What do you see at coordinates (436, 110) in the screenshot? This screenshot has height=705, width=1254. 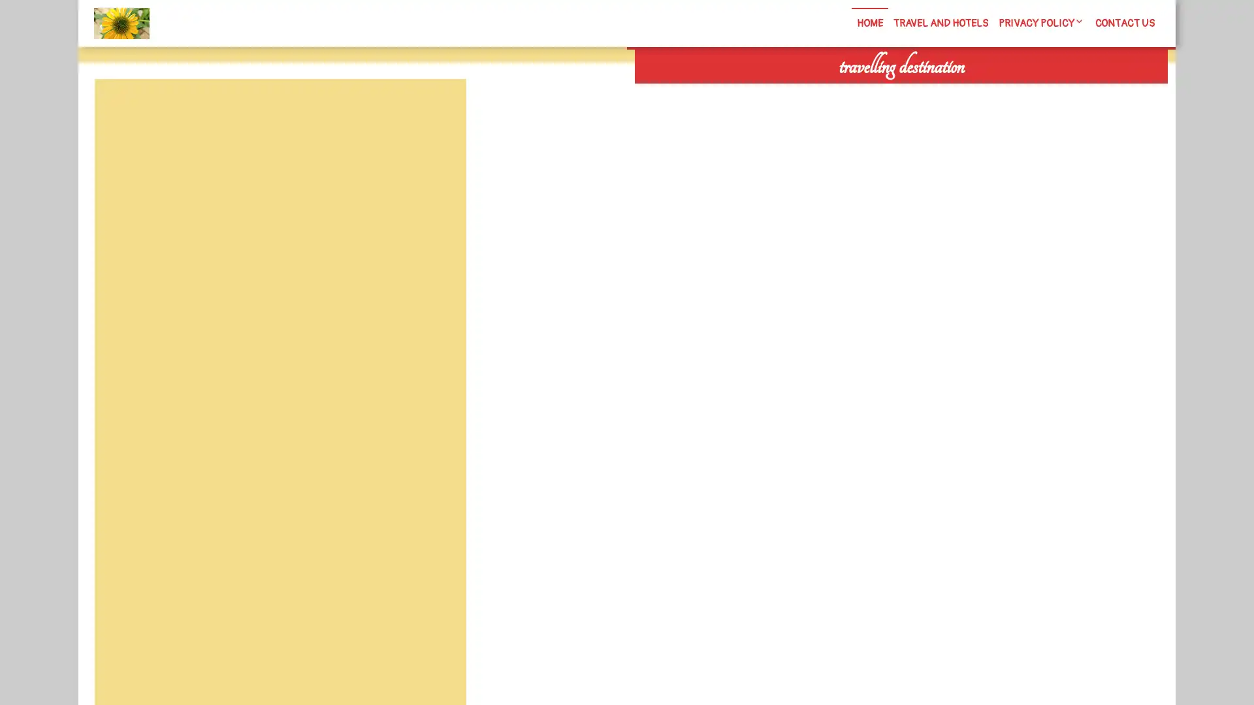 I see `Search` at bounding box center [436, 110].